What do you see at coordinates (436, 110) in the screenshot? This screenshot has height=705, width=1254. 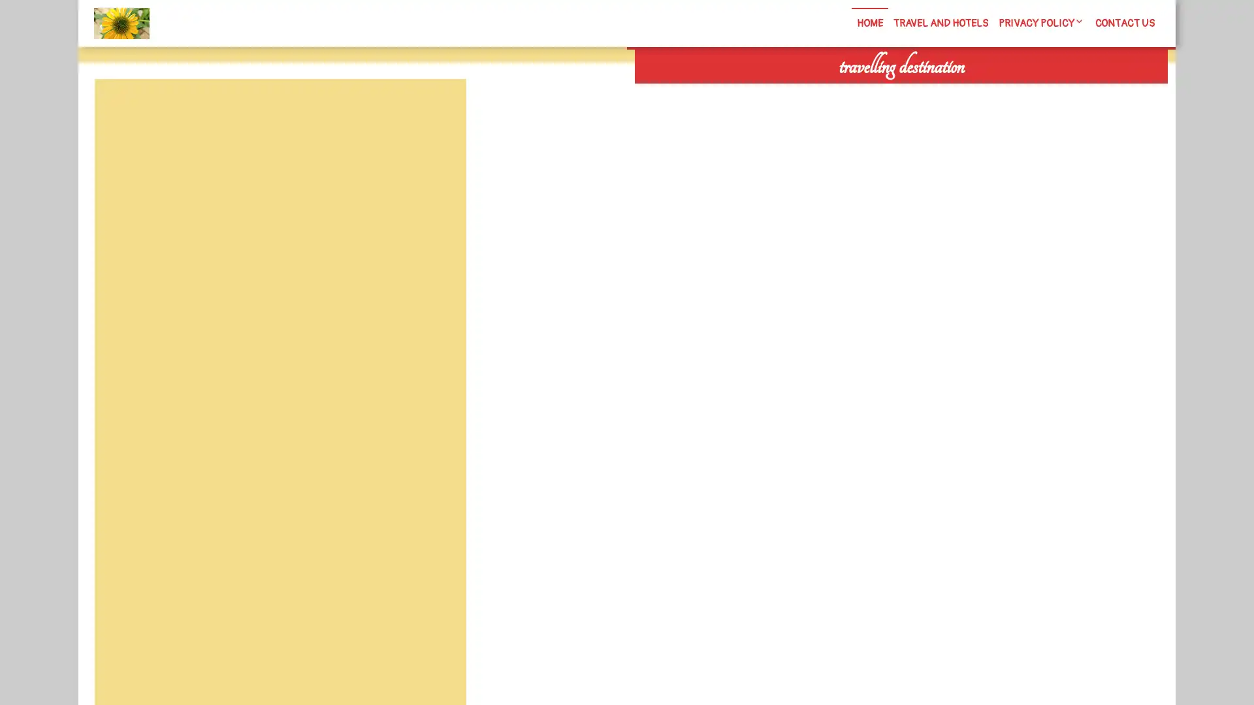 I see `Search` at bounding box center [436, 110].